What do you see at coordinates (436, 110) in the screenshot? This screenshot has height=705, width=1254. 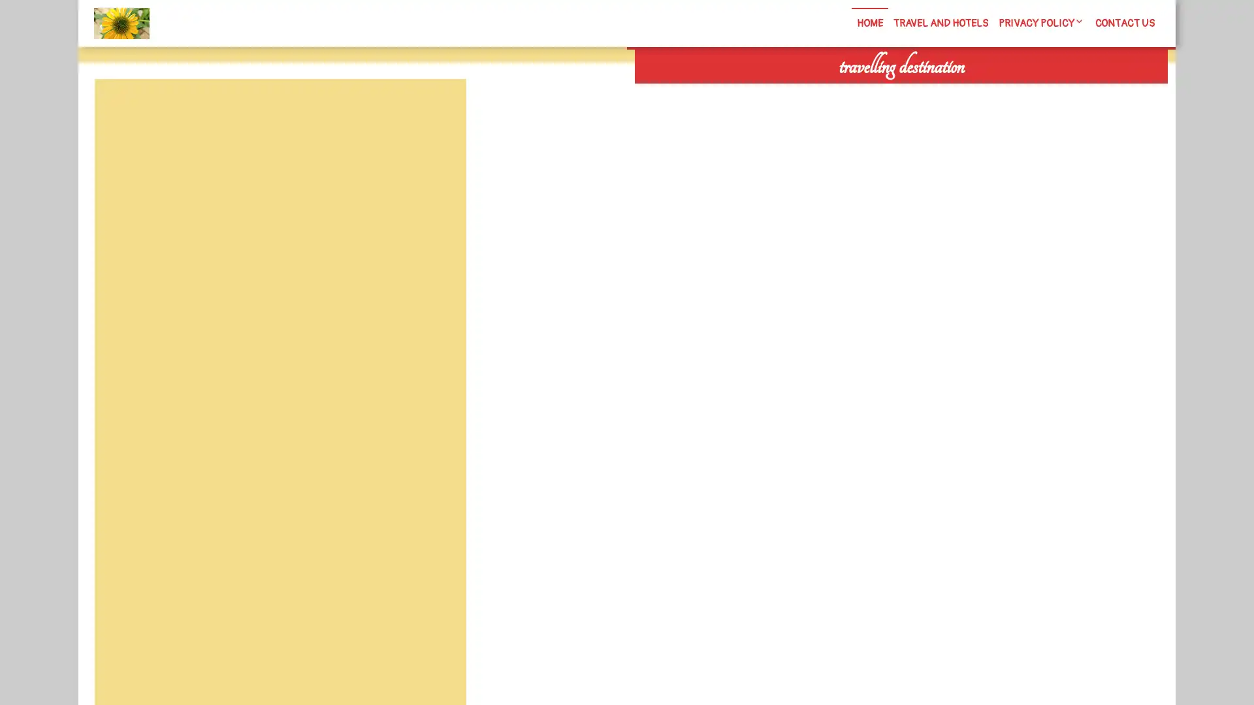 I see `Search` at bounding box center [436, 110].